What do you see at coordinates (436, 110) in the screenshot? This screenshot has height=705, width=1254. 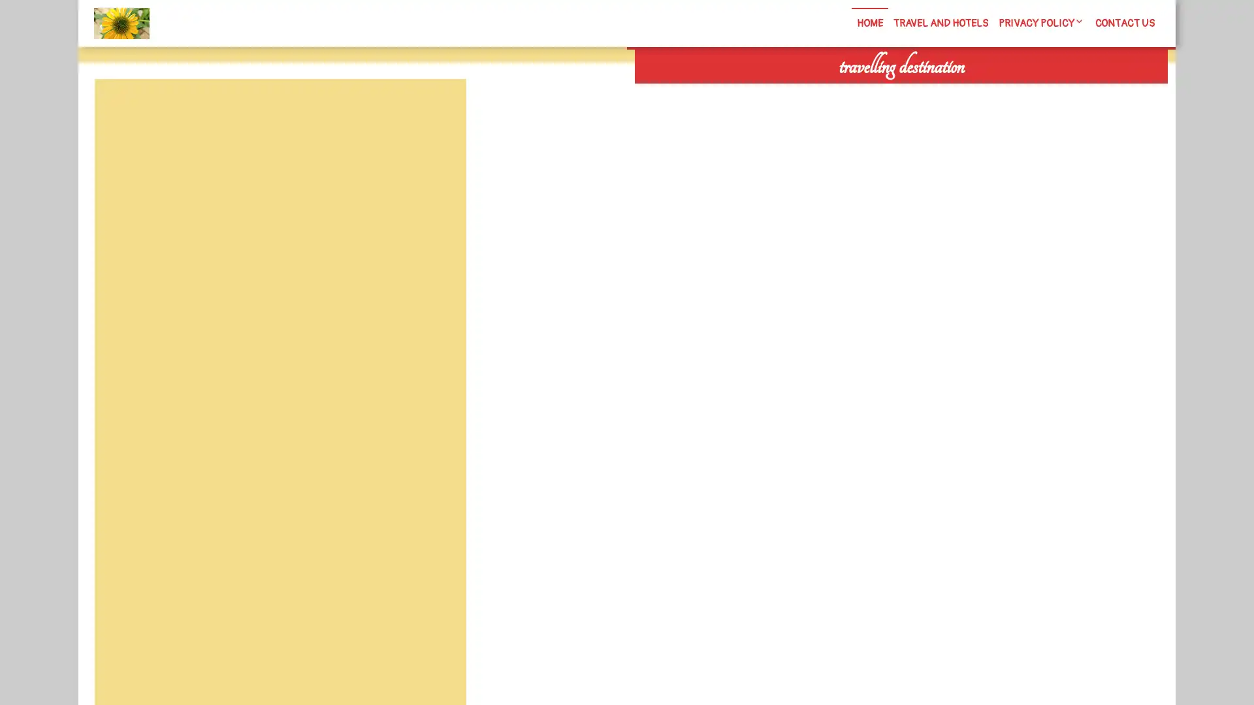 I see `Search` at bounding box center [436, 110].